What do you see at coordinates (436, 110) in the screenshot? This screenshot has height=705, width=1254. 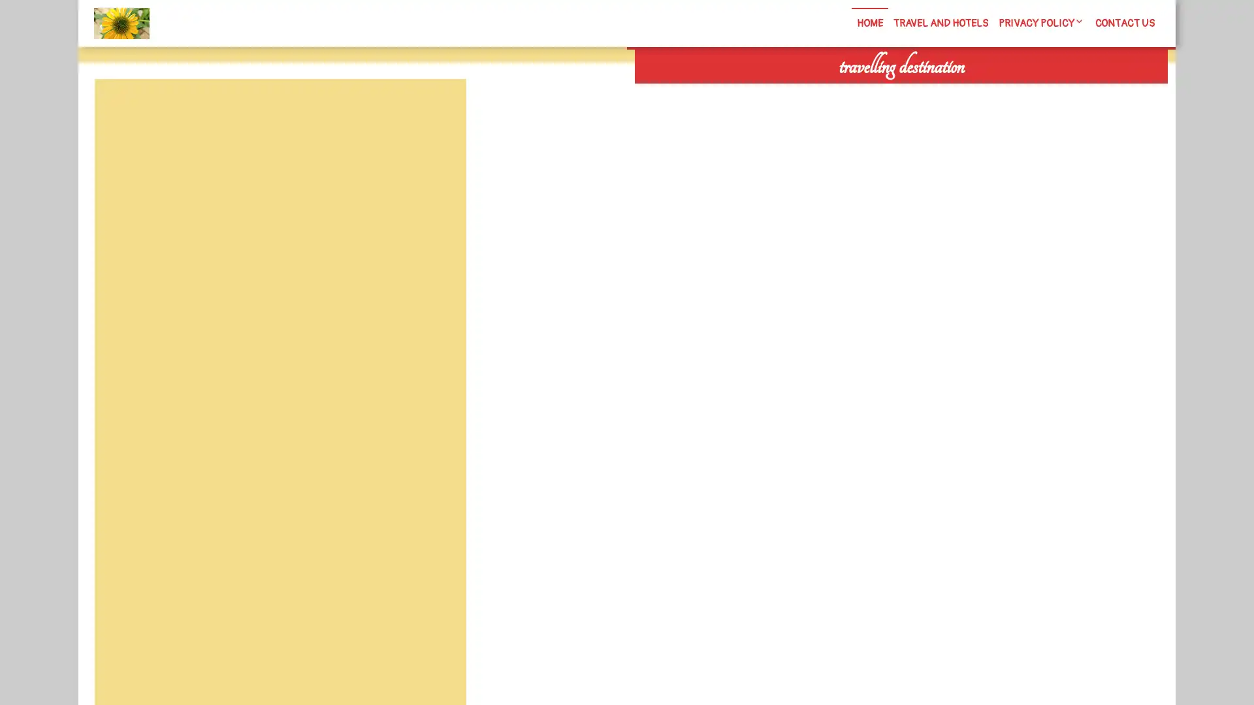 I see `Search` at bounding box center [436, 110].